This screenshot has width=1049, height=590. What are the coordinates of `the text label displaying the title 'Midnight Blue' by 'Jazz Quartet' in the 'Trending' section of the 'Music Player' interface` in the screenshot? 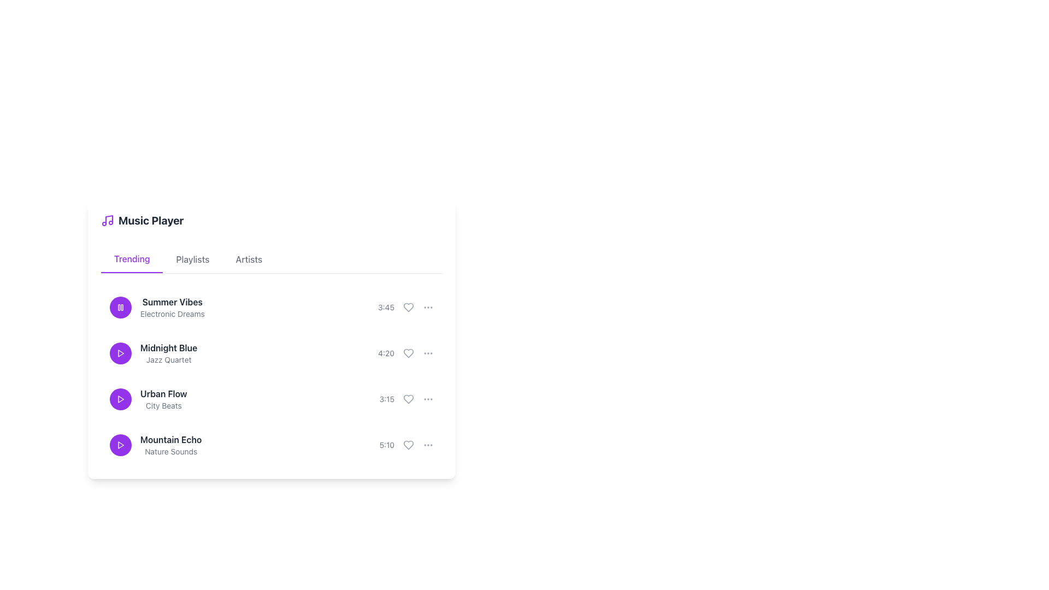 It's located at (153, 353).